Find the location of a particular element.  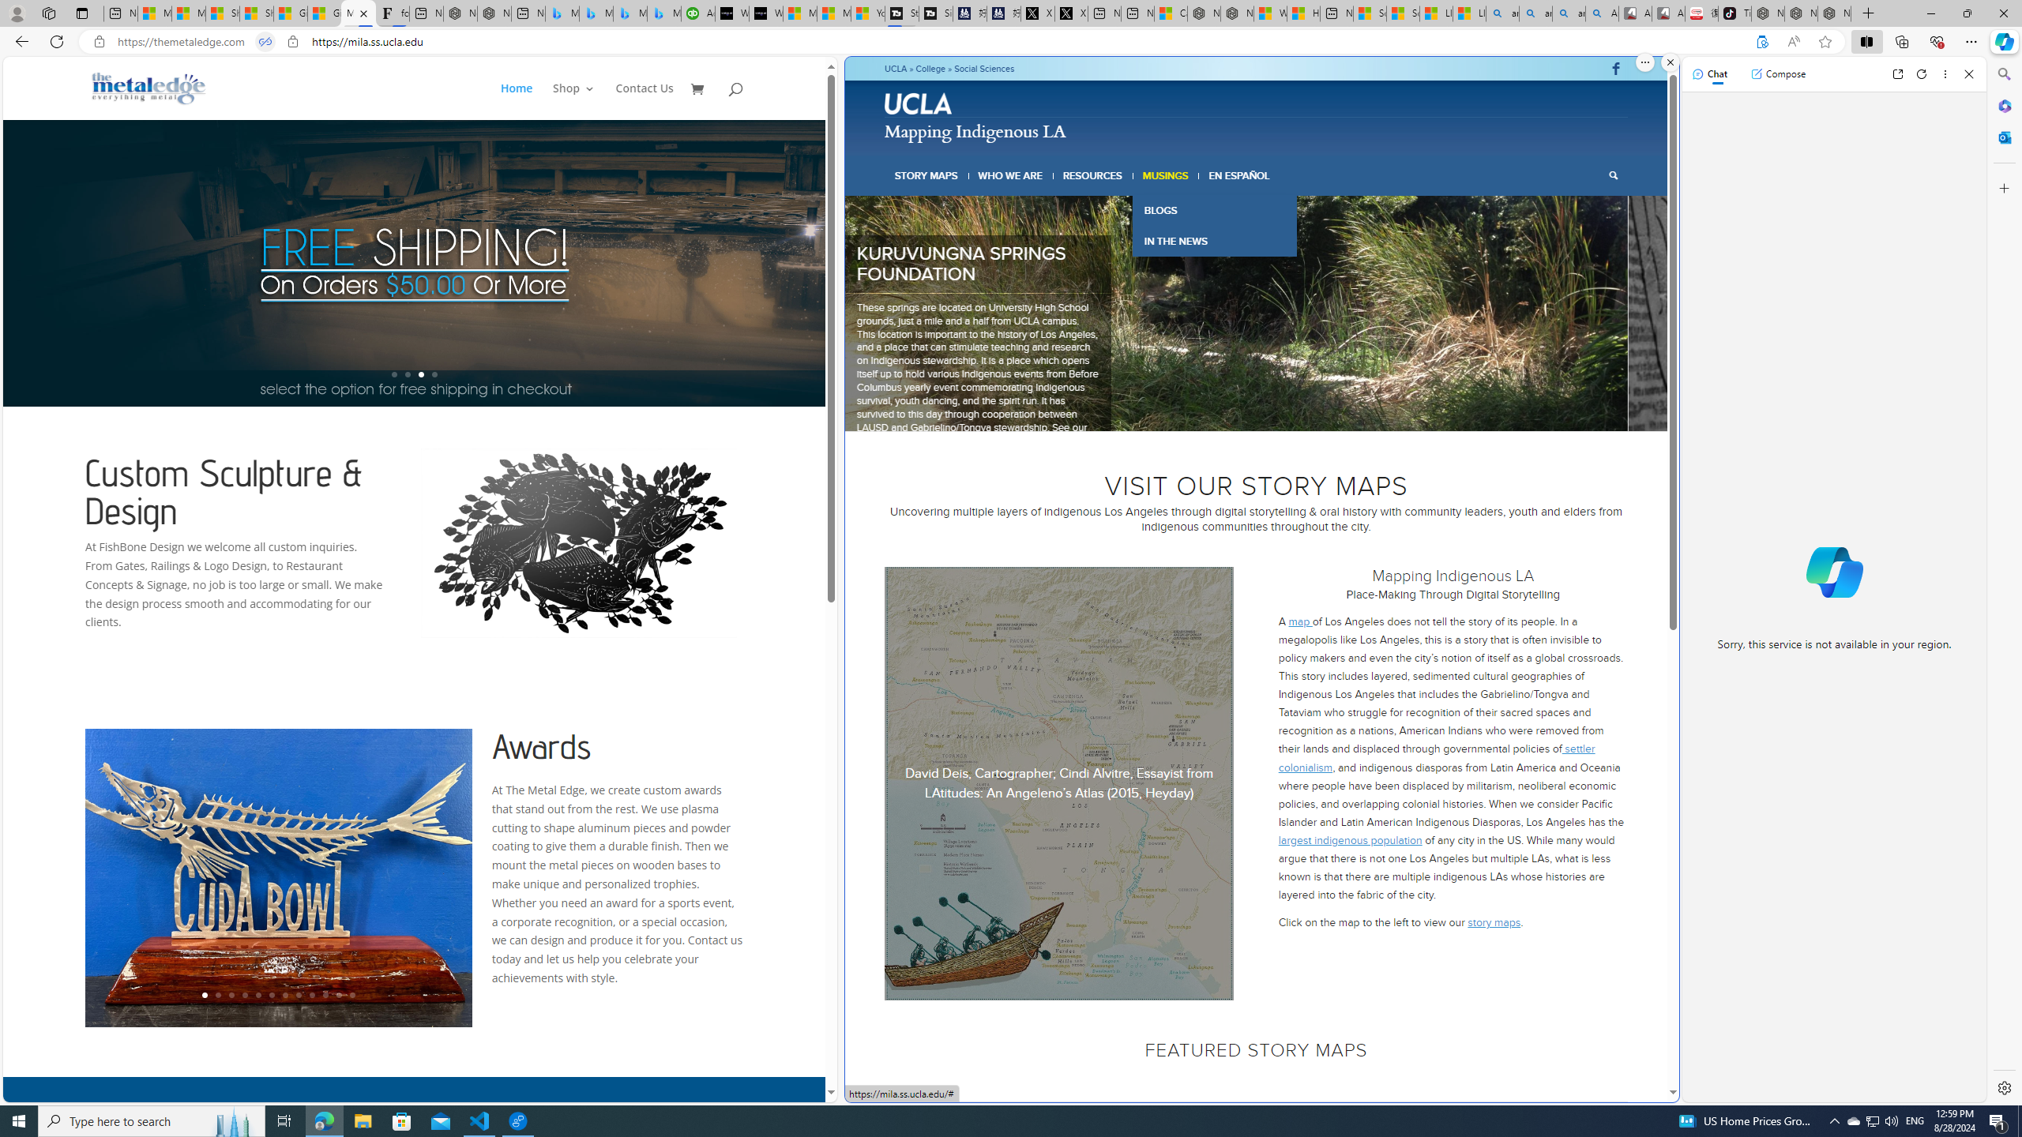

'Contact Us' is located at coordinates (644, 100).